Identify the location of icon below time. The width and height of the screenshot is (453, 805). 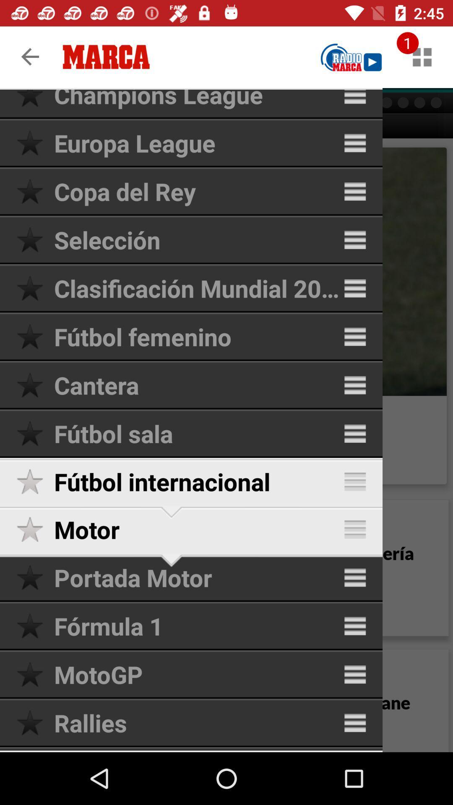
(422, 57).